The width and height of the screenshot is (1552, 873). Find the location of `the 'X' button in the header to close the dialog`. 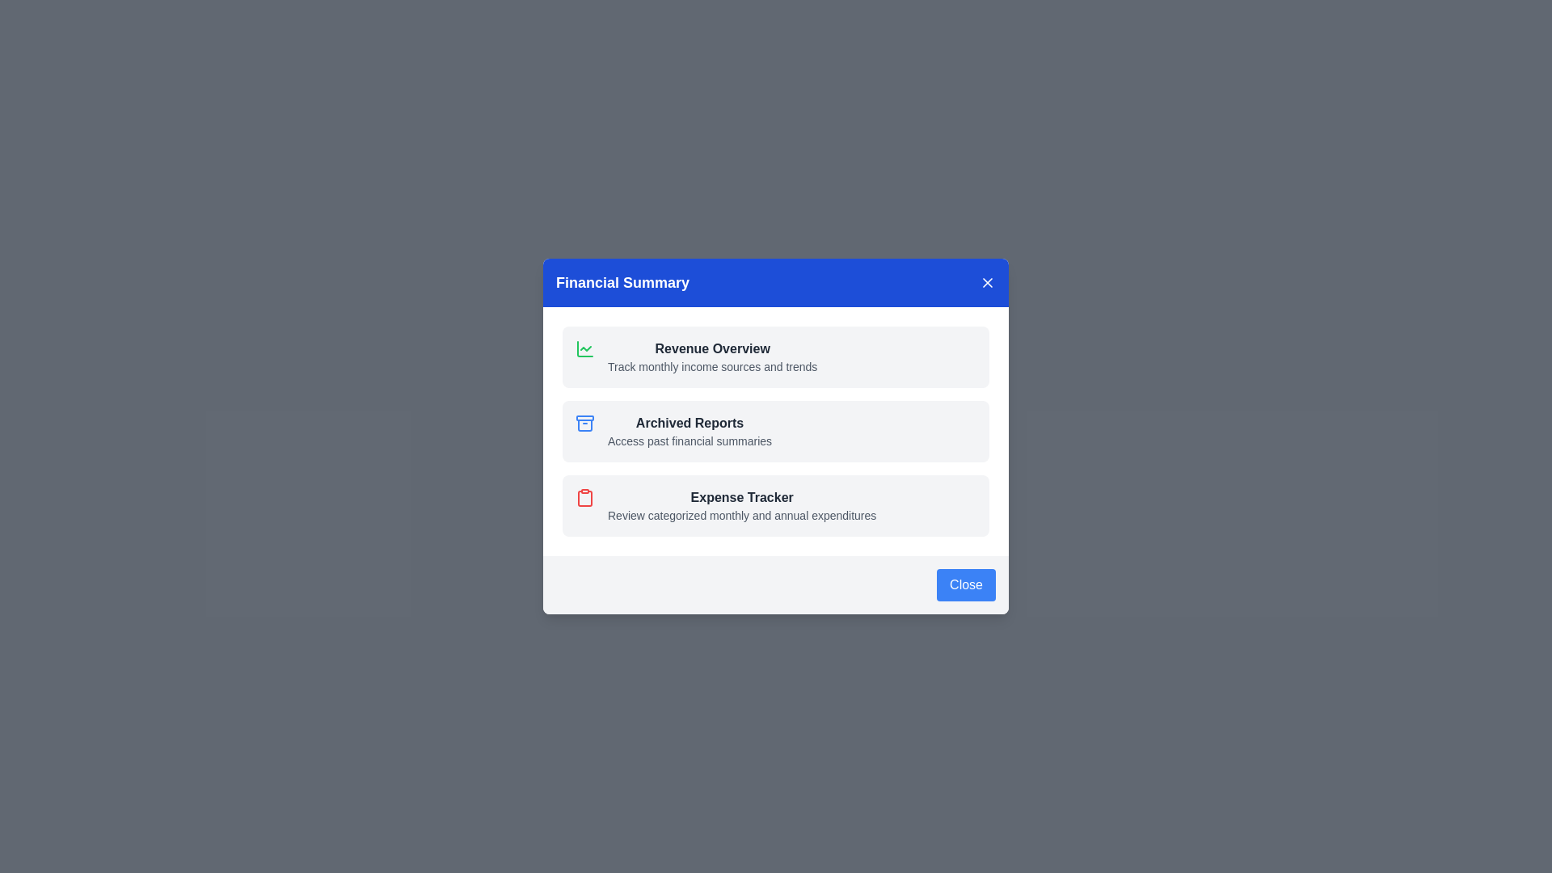

the 'X' button in the header to close the dialog is located at coordinates (987, 282).